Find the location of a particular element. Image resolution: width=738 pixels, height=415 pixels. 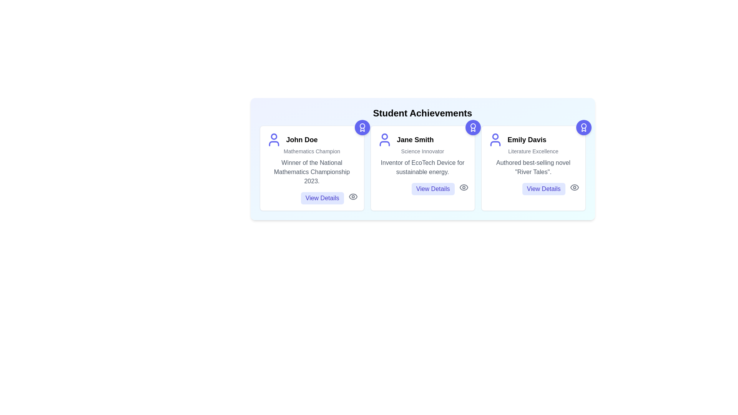

the text of the achievement description for John Doe is located at coordinates (312, 171).